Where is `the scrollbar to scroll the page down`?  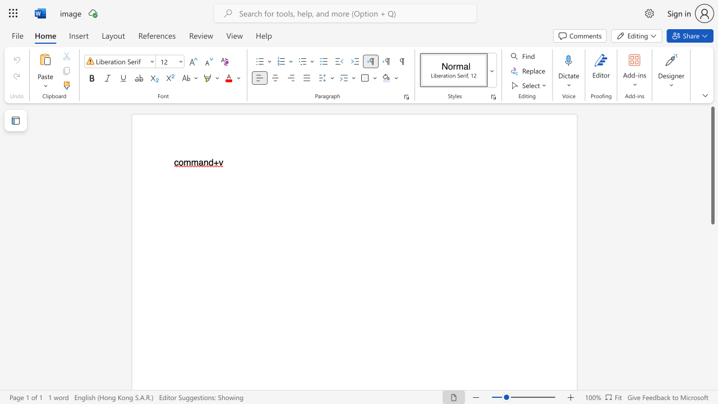
the scrollbar to scroll the page down is located at coordinates (712, 359).